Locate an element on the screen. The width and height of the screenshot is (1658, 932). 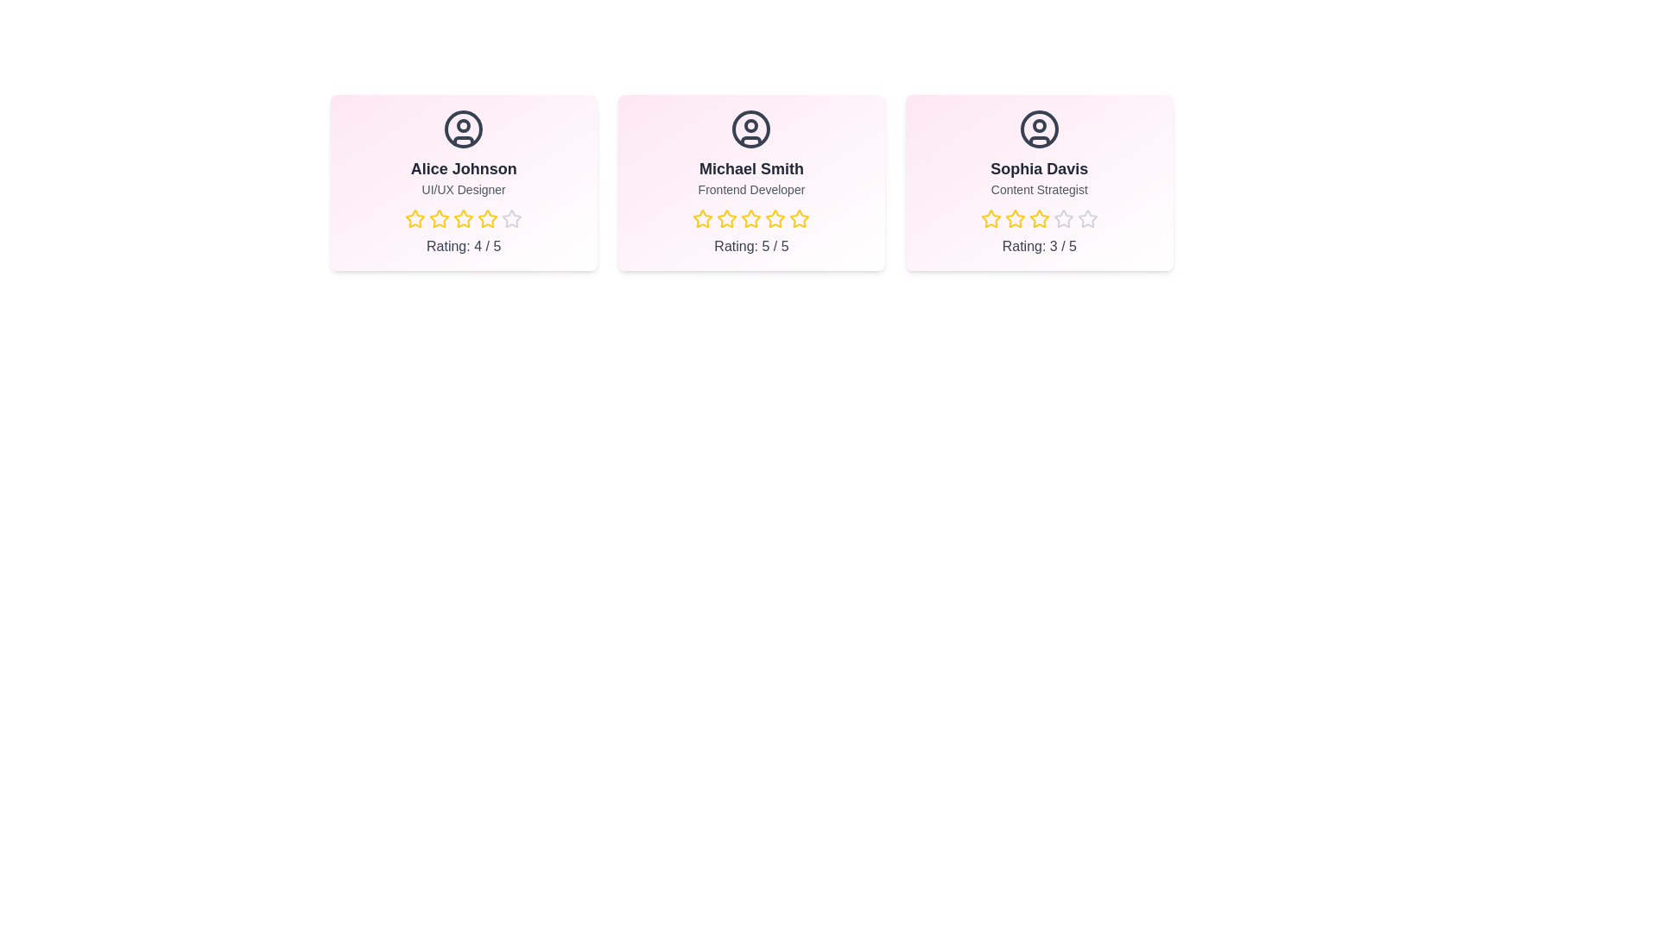
the star corresponding to 3 stars for the team member Michael Smith is located at coordinates (751, 218).